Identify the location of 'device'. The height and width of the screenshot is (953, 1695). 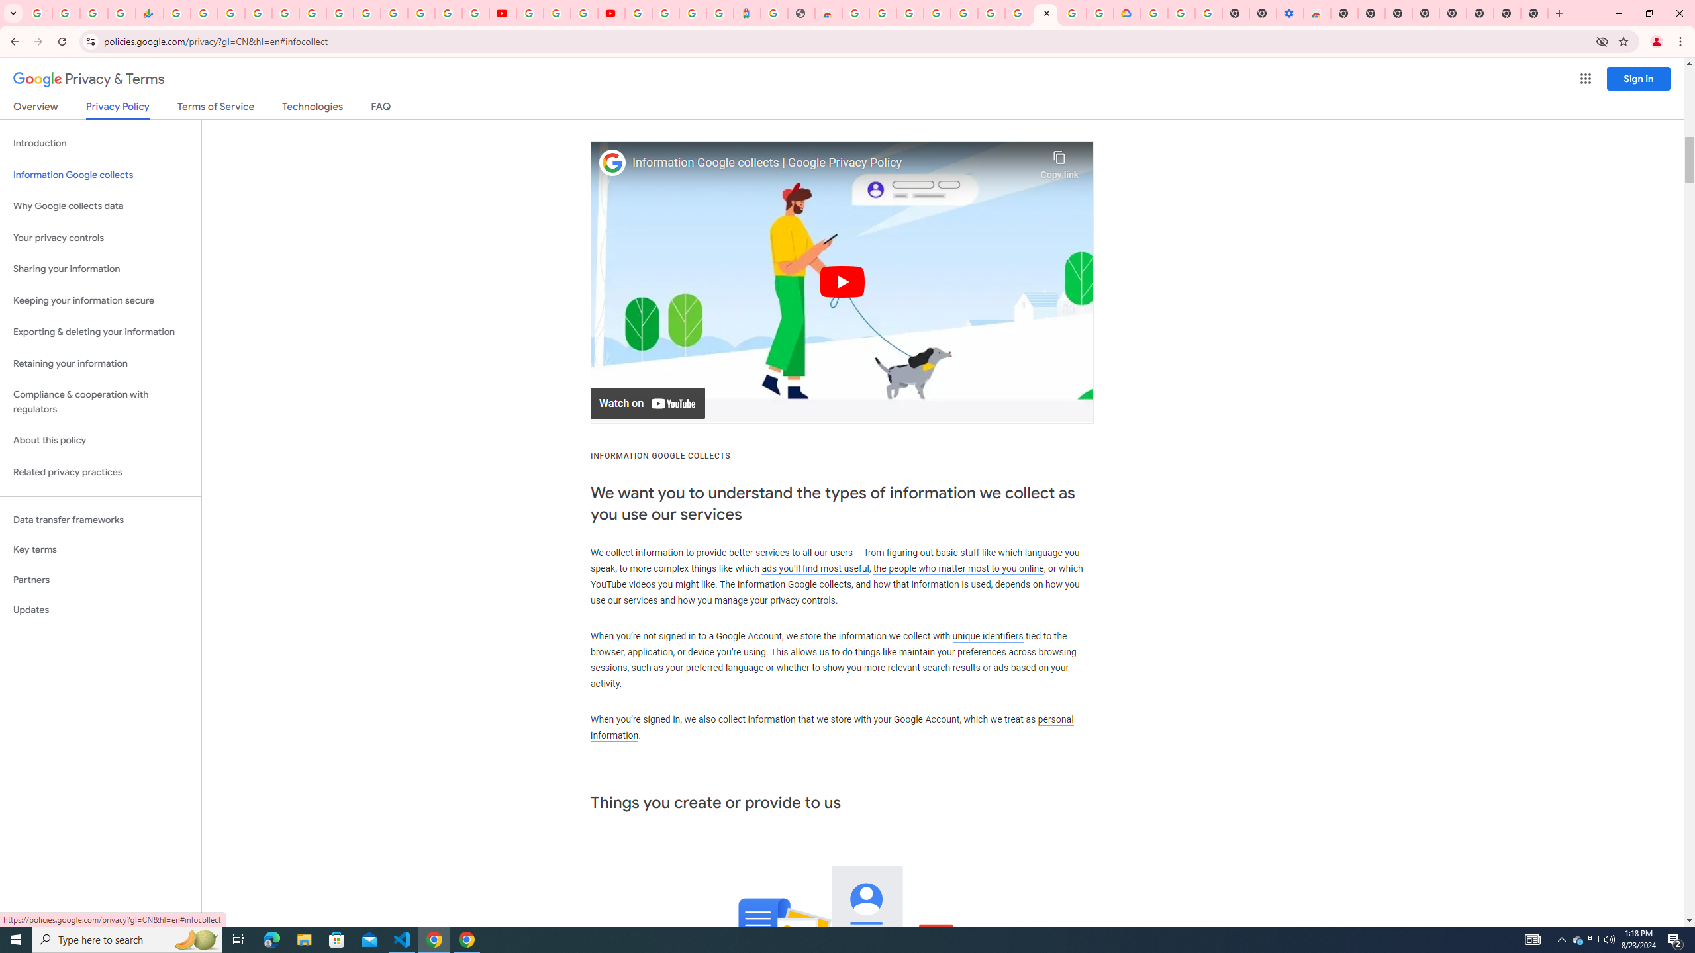
(700, 651).